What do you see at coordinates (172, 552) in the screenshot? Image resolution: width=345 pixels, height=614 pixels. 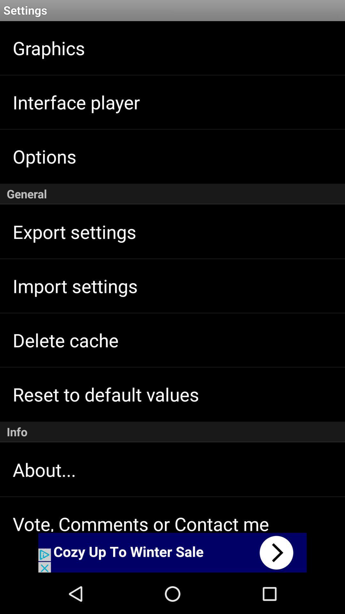 I see `advetisement link` at bounding box center [172, 552].